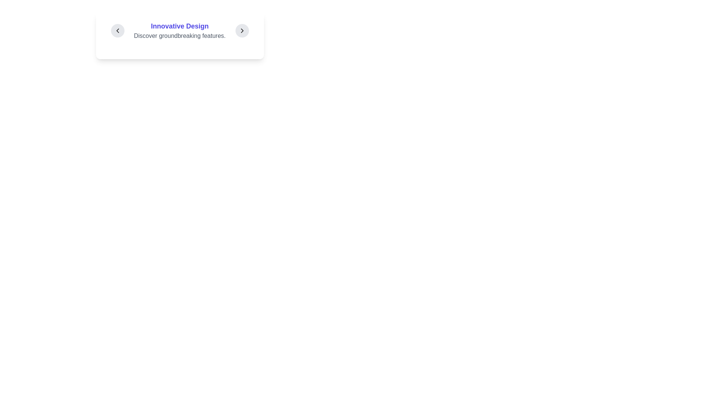  I want to click on the Text Label that serves as a descriptive subtitle under the heading 'Innovative Design', positioned centrally below it, so click(179, 36).